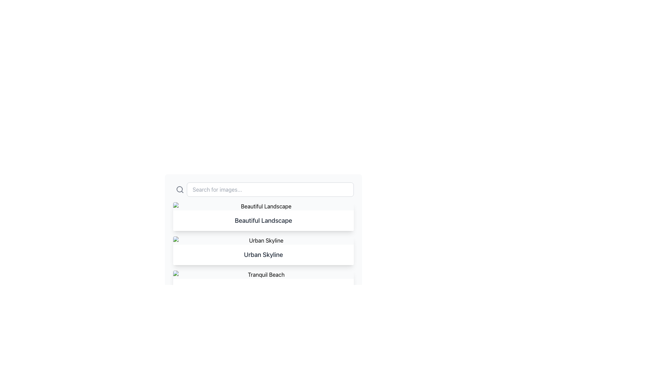 The width and height of the screenshot is (657, 369). What do you see at coordinates (263, 255) in the screenshot?
I see `the text label that reads 'Urban Skyline', which is displayed in a dark font color on a white background, positioned below 'Beautiful Landscape'` at bounding box center [263, 255].